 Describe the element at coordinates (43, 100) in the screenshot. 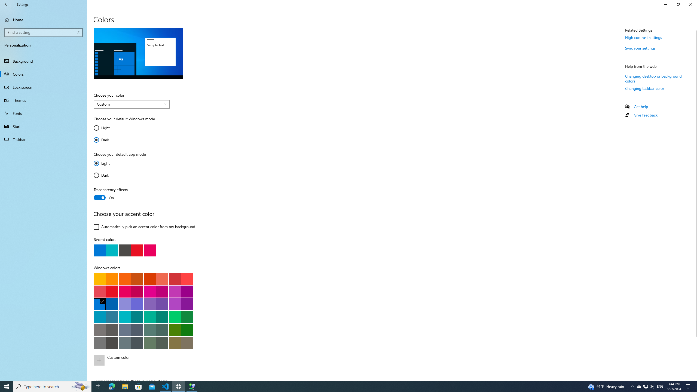

I see `'Themes'` at that location.